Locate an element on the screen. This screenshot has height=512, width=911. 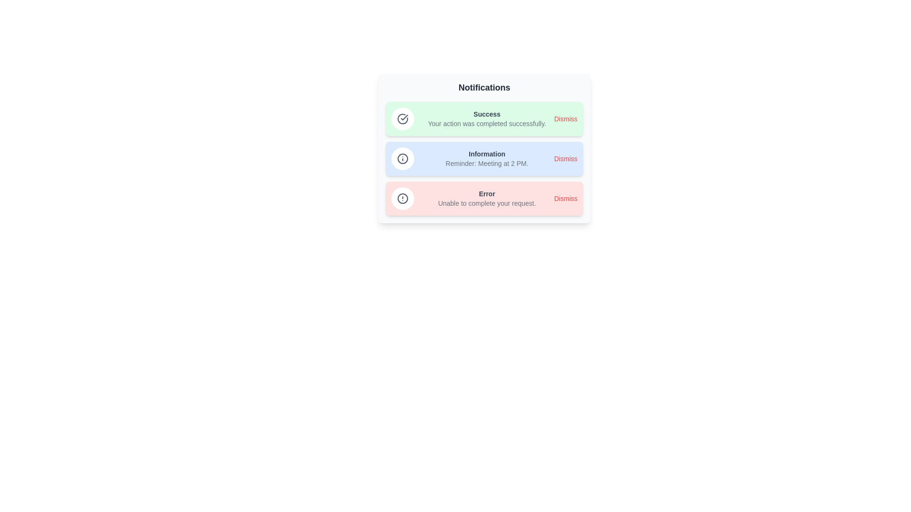
the background color of a notification of type Information is located at coordinates (484, 158).